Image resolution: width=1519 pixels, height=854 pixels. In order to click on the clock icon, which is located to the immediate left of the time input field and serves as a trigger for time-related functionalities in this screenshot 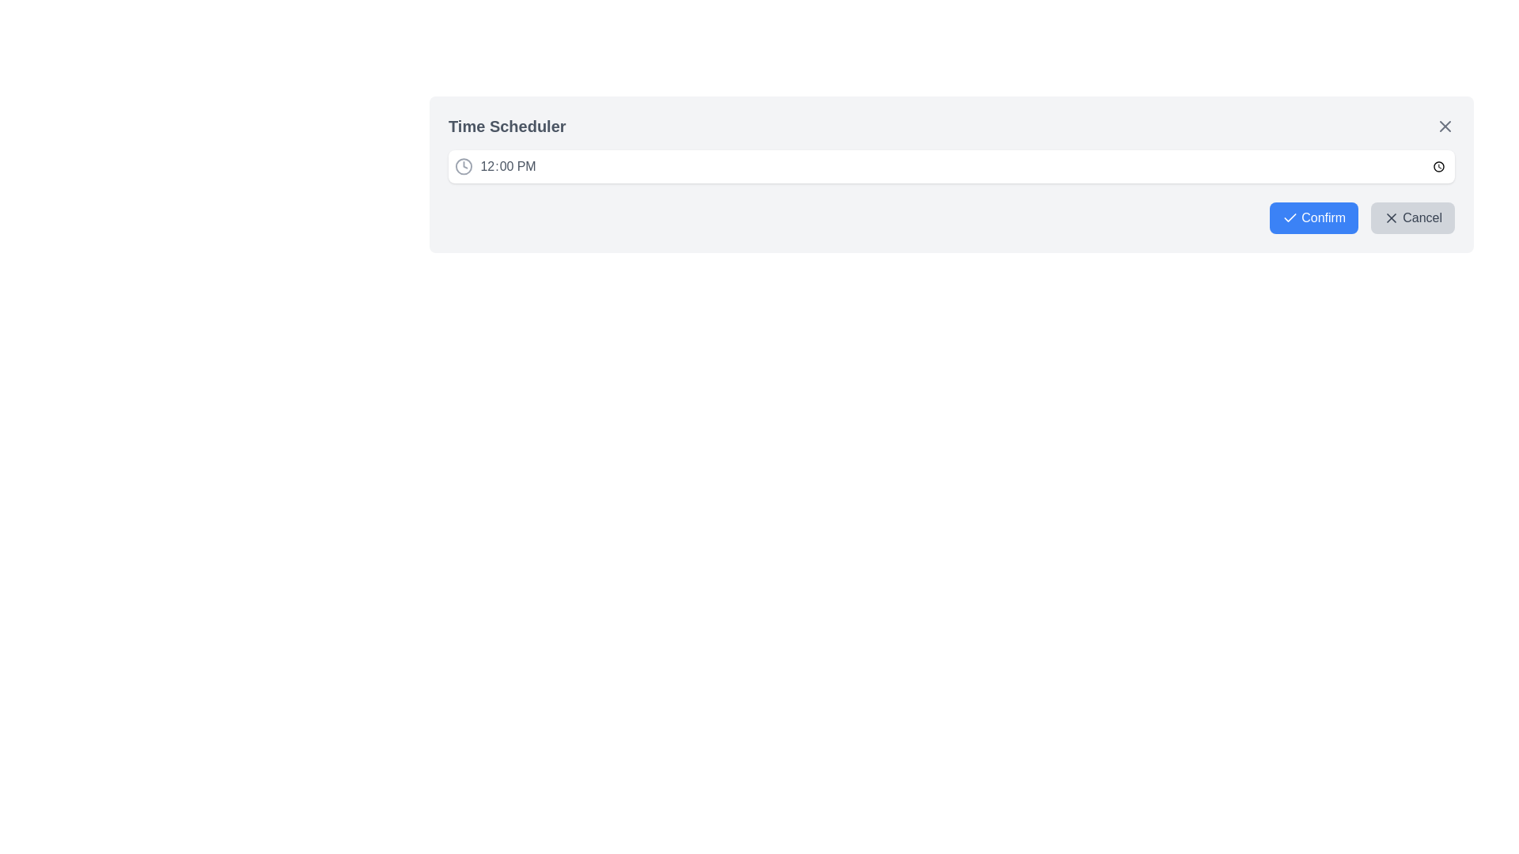, I will do `click(463, 167)`.